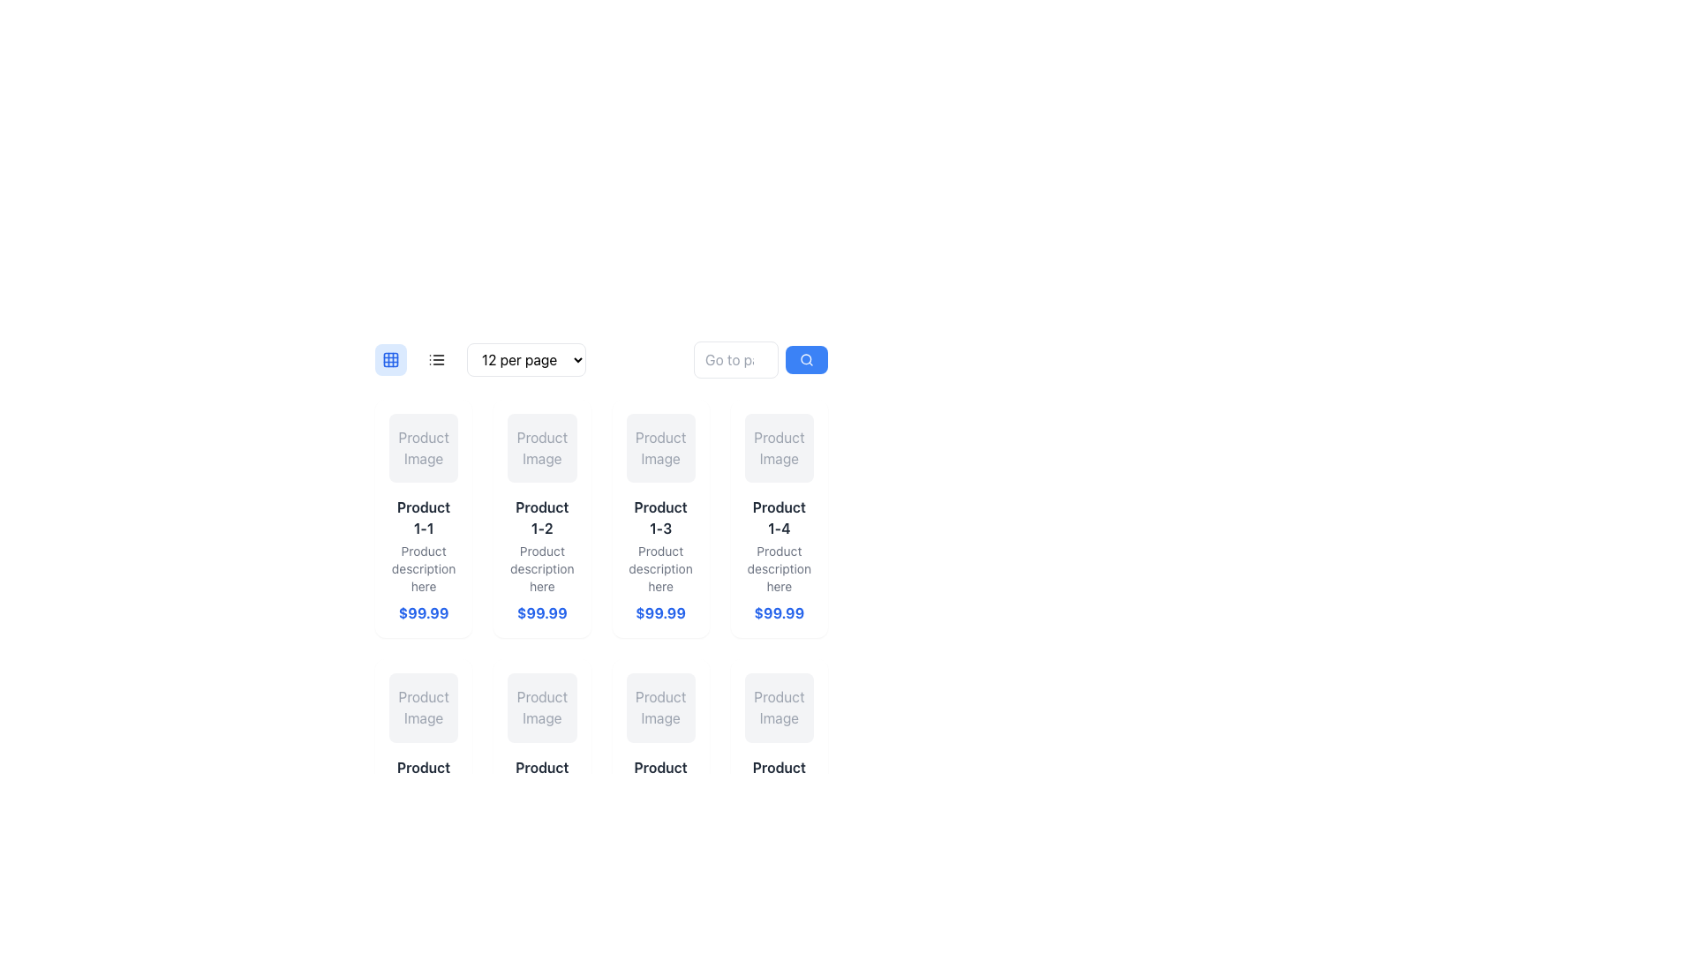 This screenshot has height=953, width=1695. Describe the element at coordinates (525, 359) in the screenshot. I see `an option from the dropdown menu located in the center of the row of options above the product grid, which contains pagination settings such as '12 per page', '24 per page', and '48 per page'` at that location.